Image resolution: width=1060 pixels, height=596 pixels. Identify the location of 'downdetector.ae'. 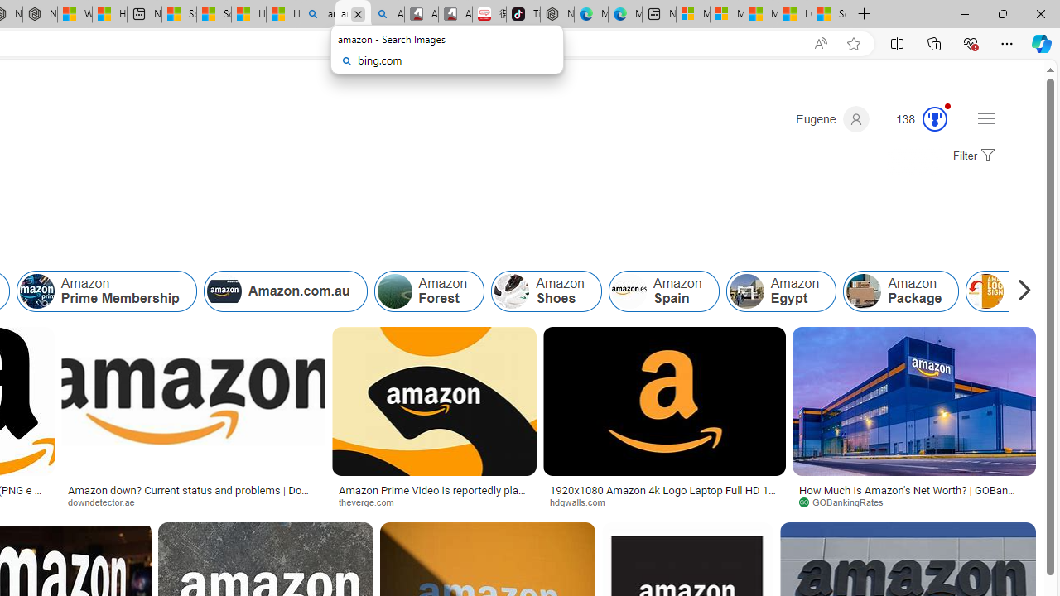
(193, 501).